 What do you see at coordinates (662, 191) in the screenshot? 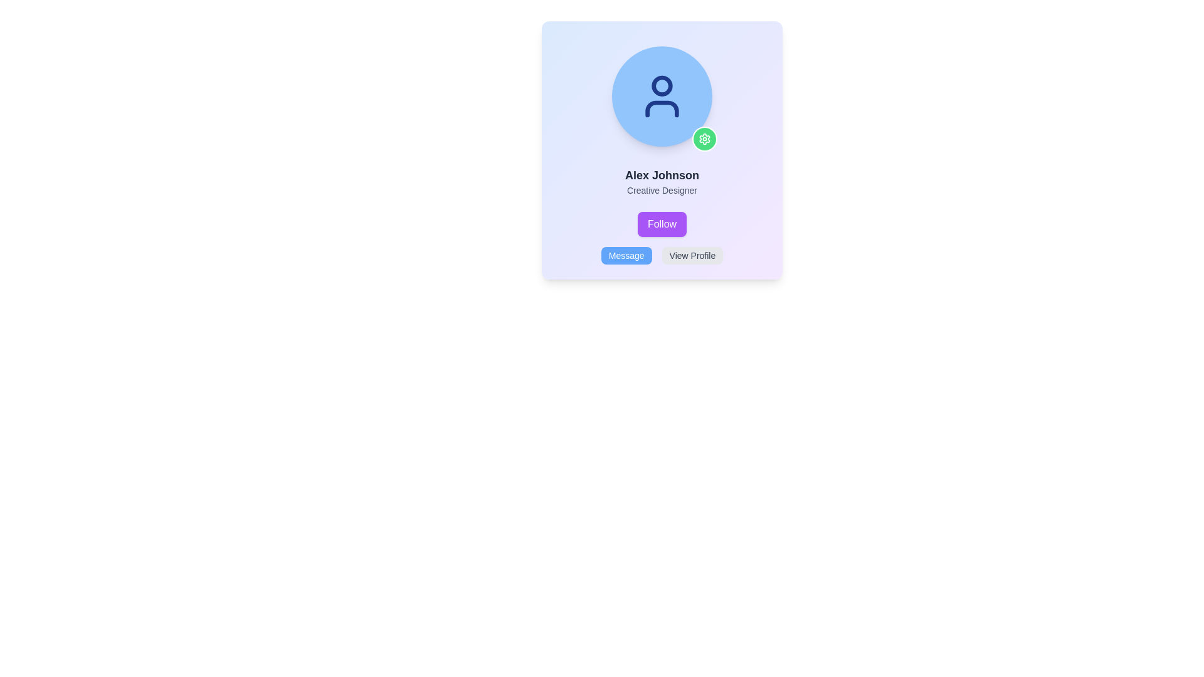
I see `the text label displaying 'Creative Designer', which is positioned beneath 'Alex Johnson' and is center-aligned within a card-like structure` at bounding box center [662, 191].